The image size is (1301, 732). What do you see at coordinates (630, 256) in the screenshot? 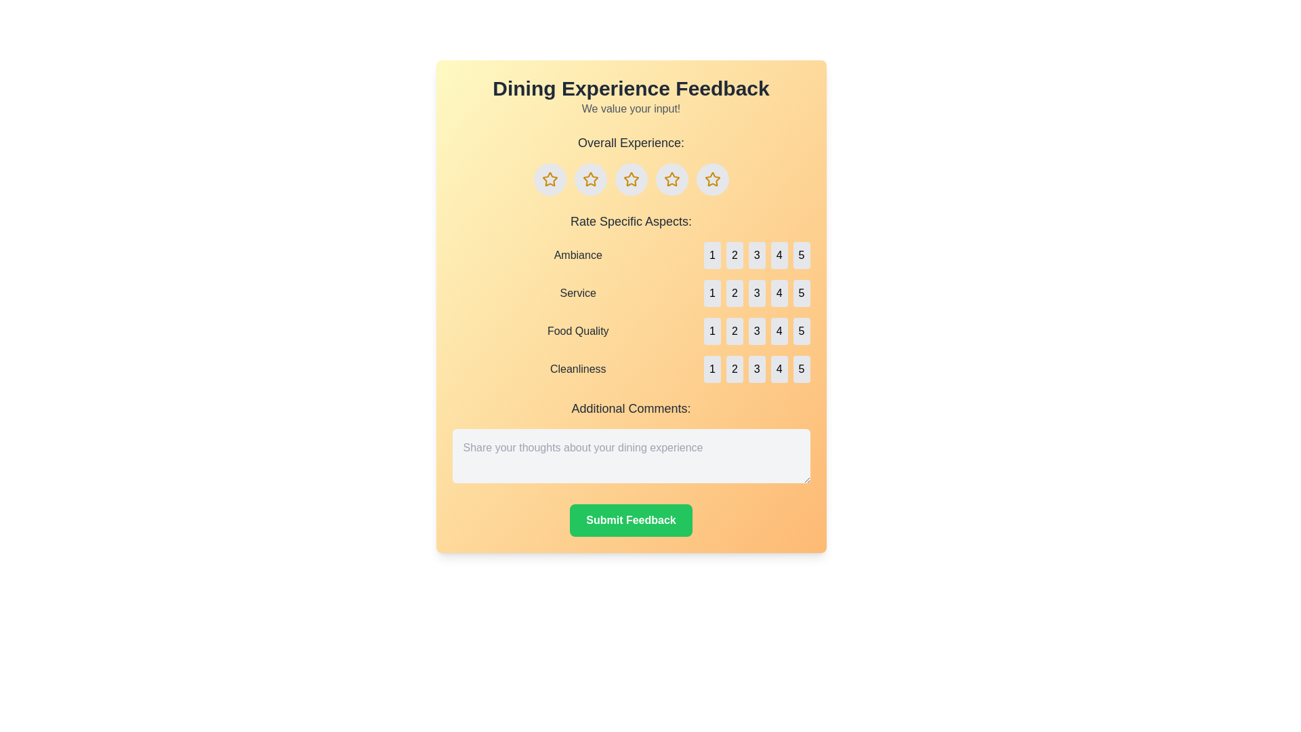
I see `the numeric buttons of the 'Ambiance' rating control` at bounding box center [630, 256].